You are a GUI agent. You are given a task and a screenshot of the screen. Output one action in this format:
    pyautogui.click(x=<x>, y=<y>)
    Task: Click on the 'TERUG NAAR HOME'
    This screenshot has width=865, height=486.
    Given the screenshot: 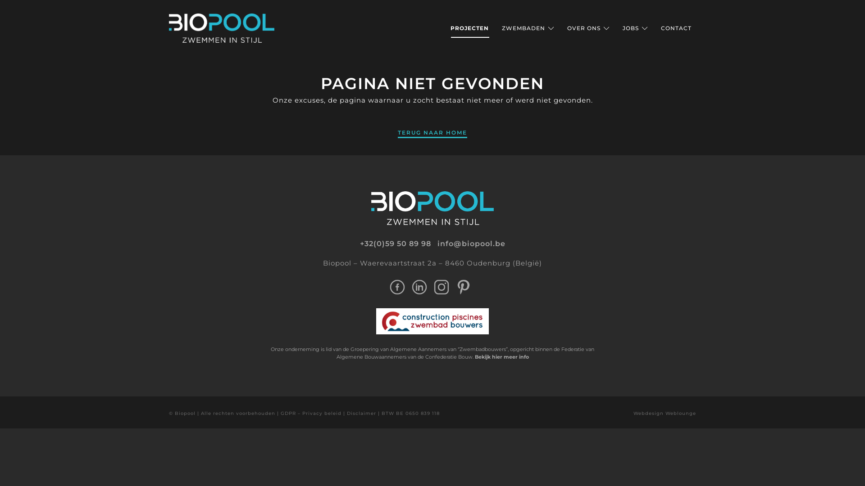 What is the action you would take?
    pyautogui.click(x=432, y=132)
    